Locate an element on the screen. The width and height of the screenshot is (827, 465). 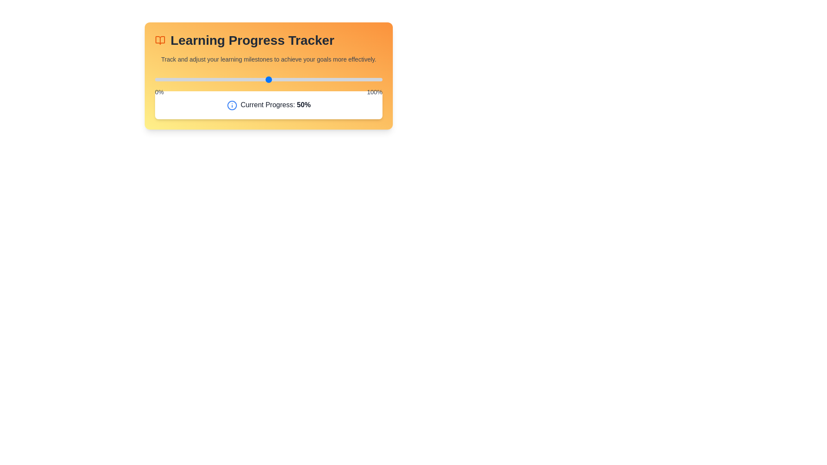
the slider to set progress to 18% is located at coordinates (196, 80).